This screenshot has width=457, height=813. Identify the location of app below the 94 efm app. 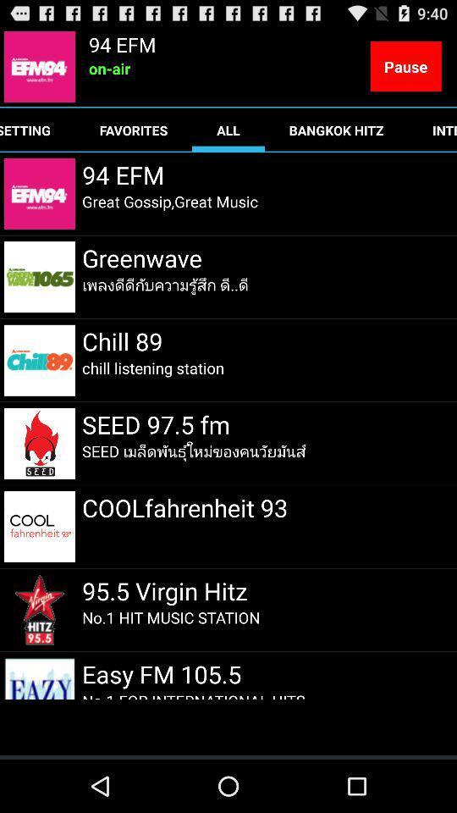
(170, 202).